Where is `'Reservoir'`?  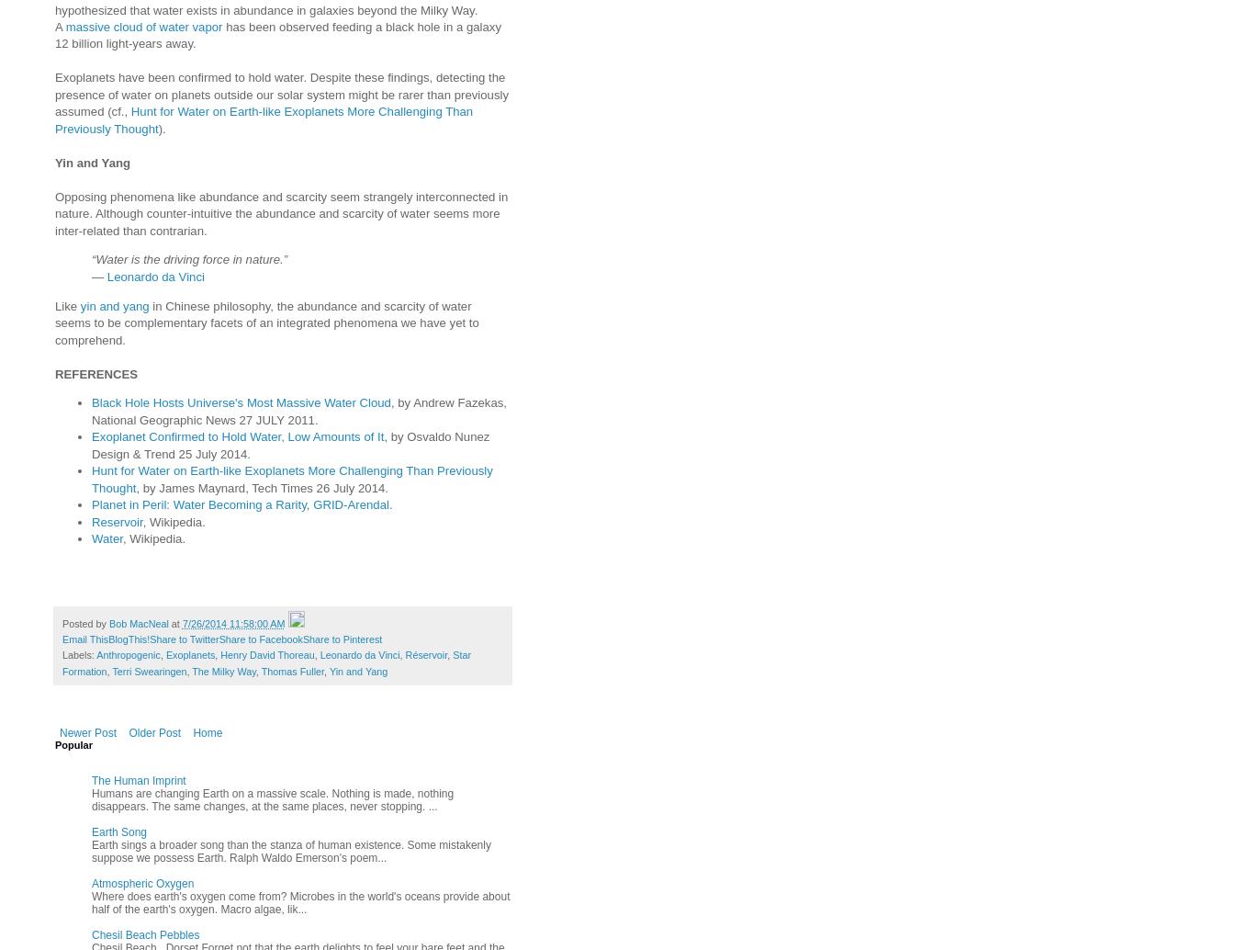 'Reservoir' is located at coordinates (116, 521).